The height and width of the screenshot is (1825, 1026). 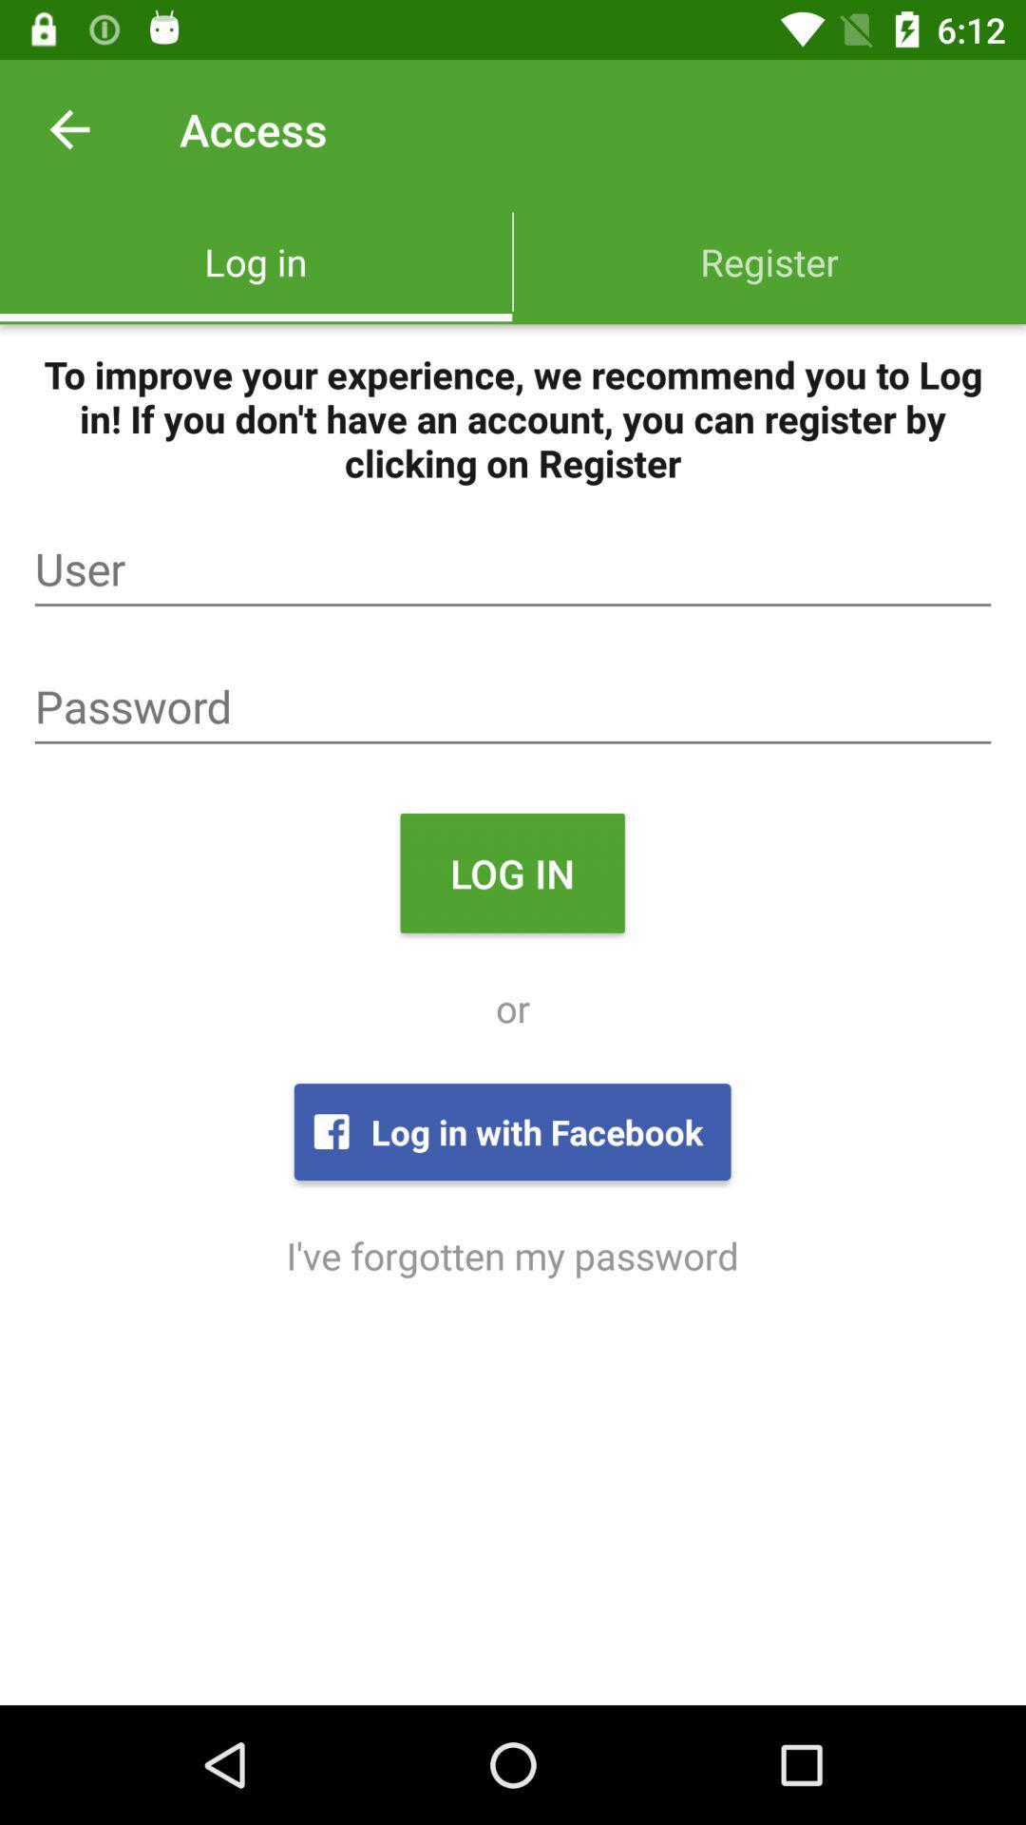 I want to click on icon to the left of access item, so click(x=68, y=128).